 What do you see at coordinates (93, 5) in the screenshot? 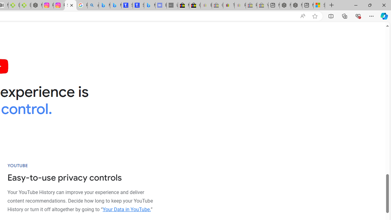
I see `'alabama high school quarterback dies - Search'` at bounding box center [93, 5].